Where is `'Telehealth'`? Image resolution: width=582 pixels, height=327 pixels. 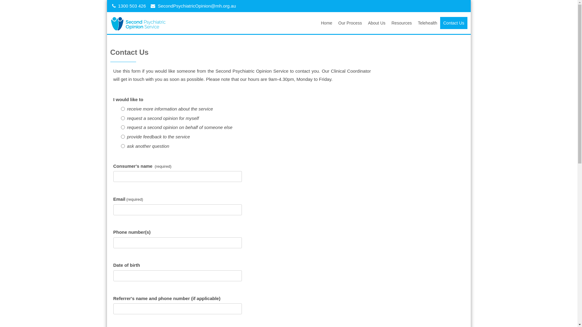 'Telehealth' is located at coordinates (427, 23).